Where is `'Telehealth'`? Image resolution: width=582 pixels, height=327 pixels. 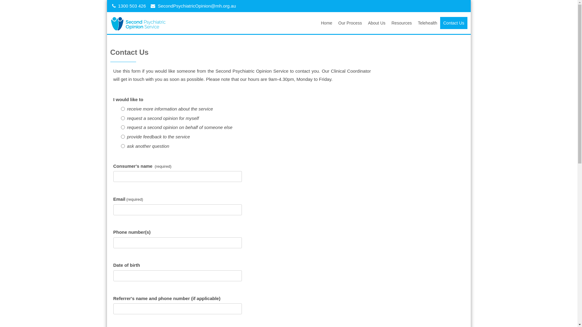 'Telehealth' is located at coordinates (427, 23).